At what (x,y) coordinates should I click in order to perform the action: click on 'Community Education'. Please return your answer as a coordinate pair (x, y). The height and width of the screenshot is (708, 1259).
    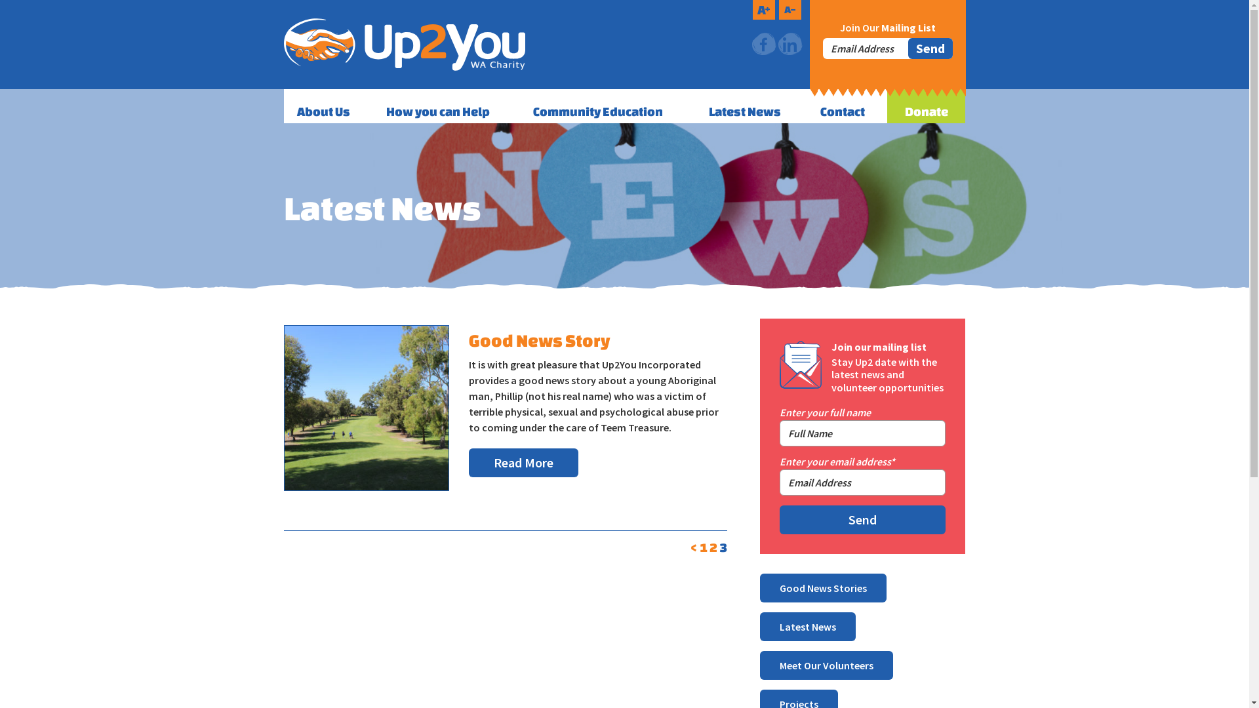
    Looking at the image, I should click on (607, 106).